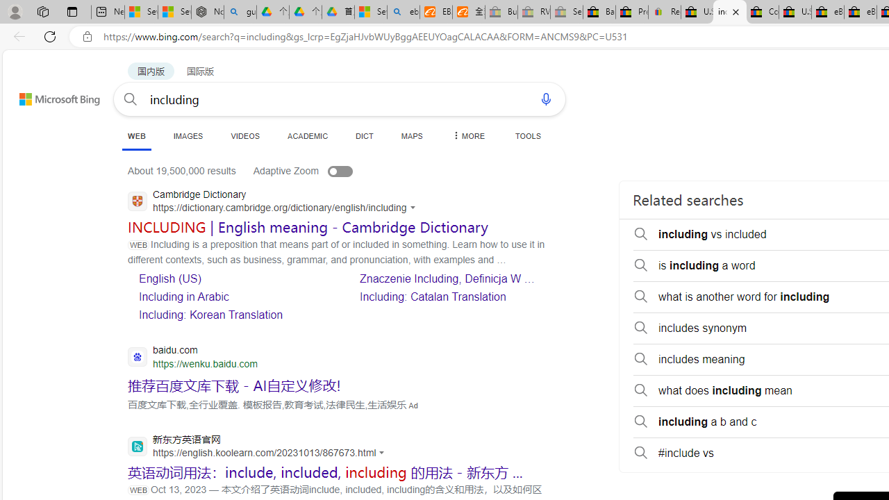  I want to click on 'TOOLS', so click(527, 135).